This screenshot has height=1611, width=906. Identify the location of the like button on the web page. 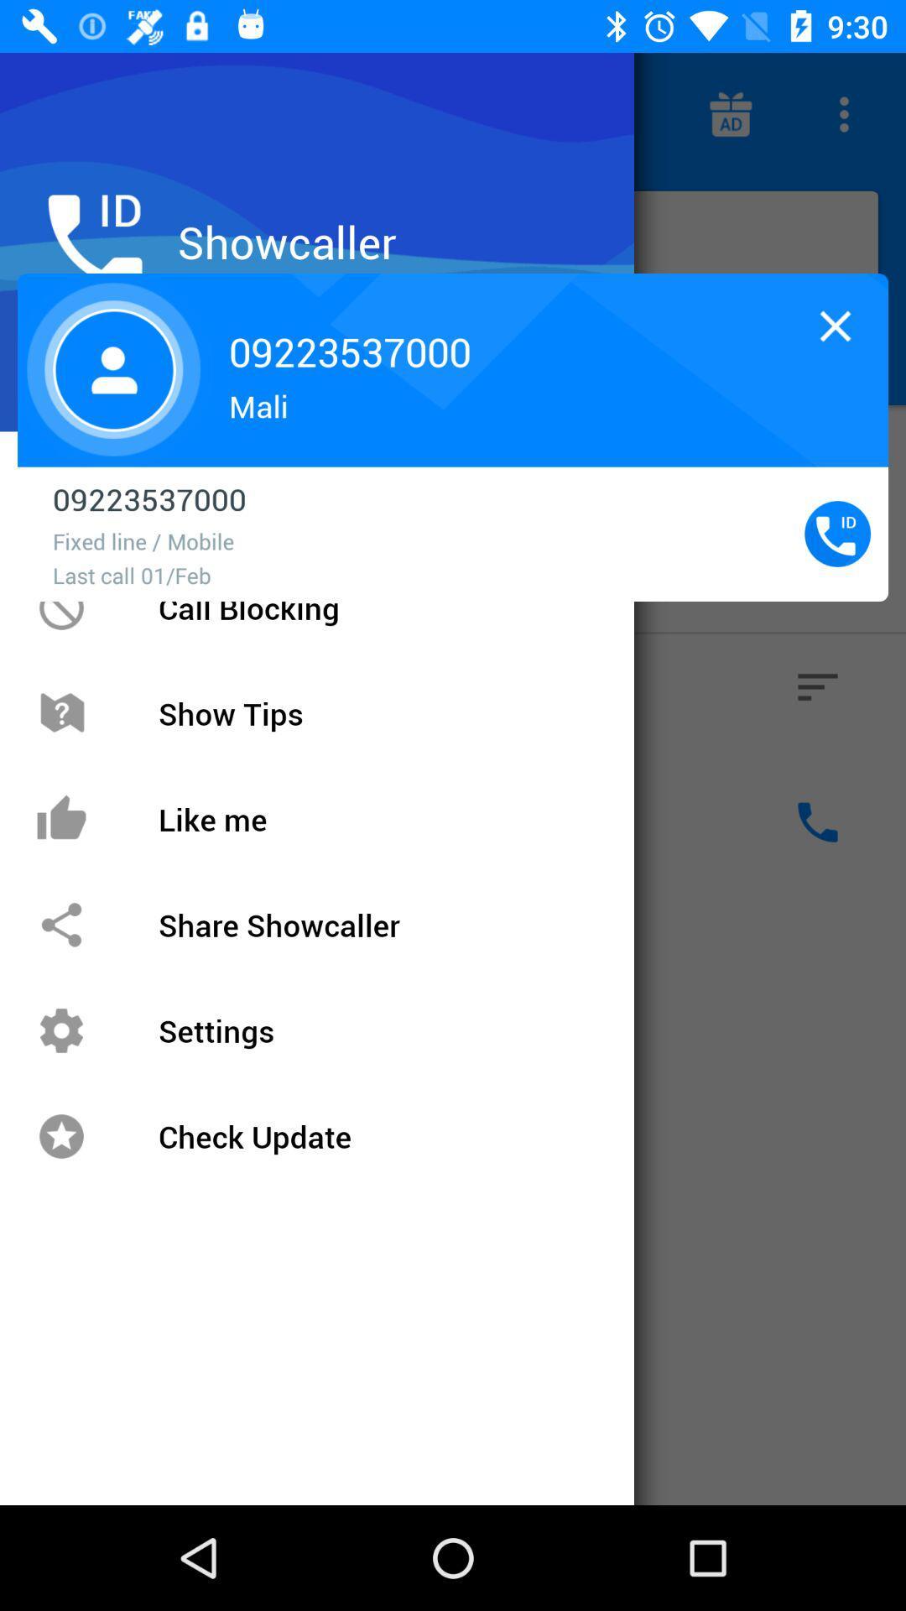
(87, 821).